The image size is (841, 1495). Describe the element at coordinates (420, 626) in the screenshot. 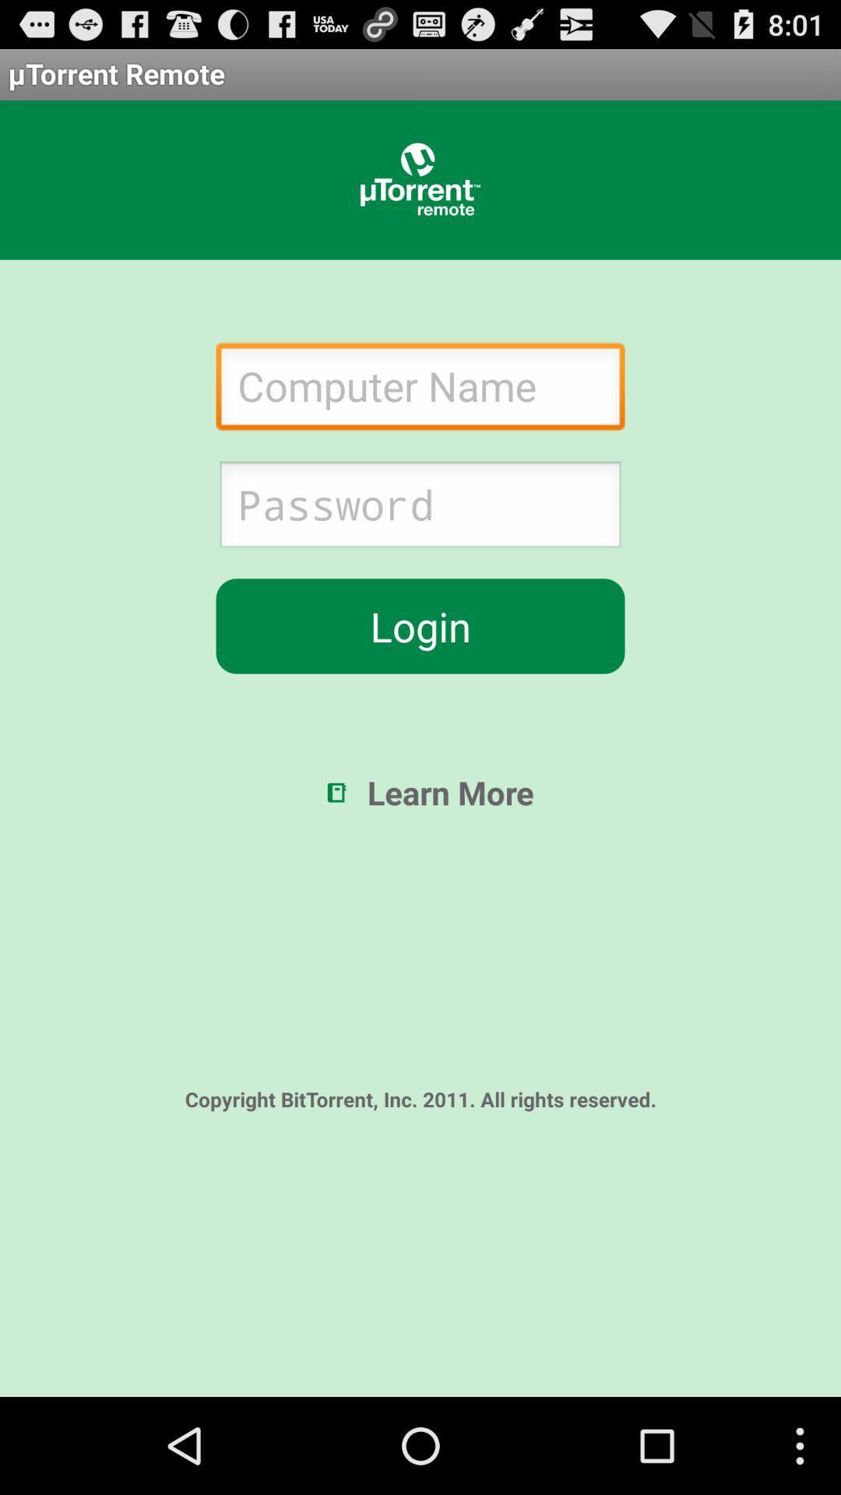

I see `login button` at that location.